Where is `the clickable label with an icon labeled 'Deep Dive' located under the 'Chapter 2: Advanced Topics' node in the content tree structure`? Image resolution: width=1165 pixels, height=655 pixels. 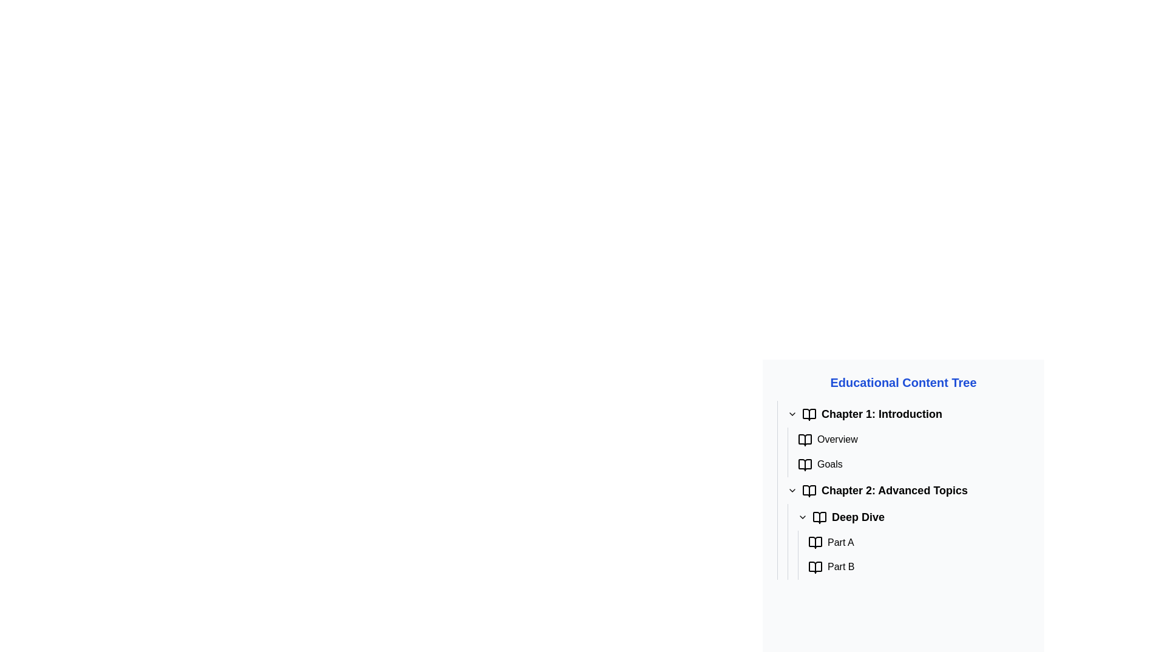
the clickable label with an icon labeled 'Deep Dive' located under the 'Chapter 2: Advanced Topics' node in the content tree structure is located at coordinates (847, 517).